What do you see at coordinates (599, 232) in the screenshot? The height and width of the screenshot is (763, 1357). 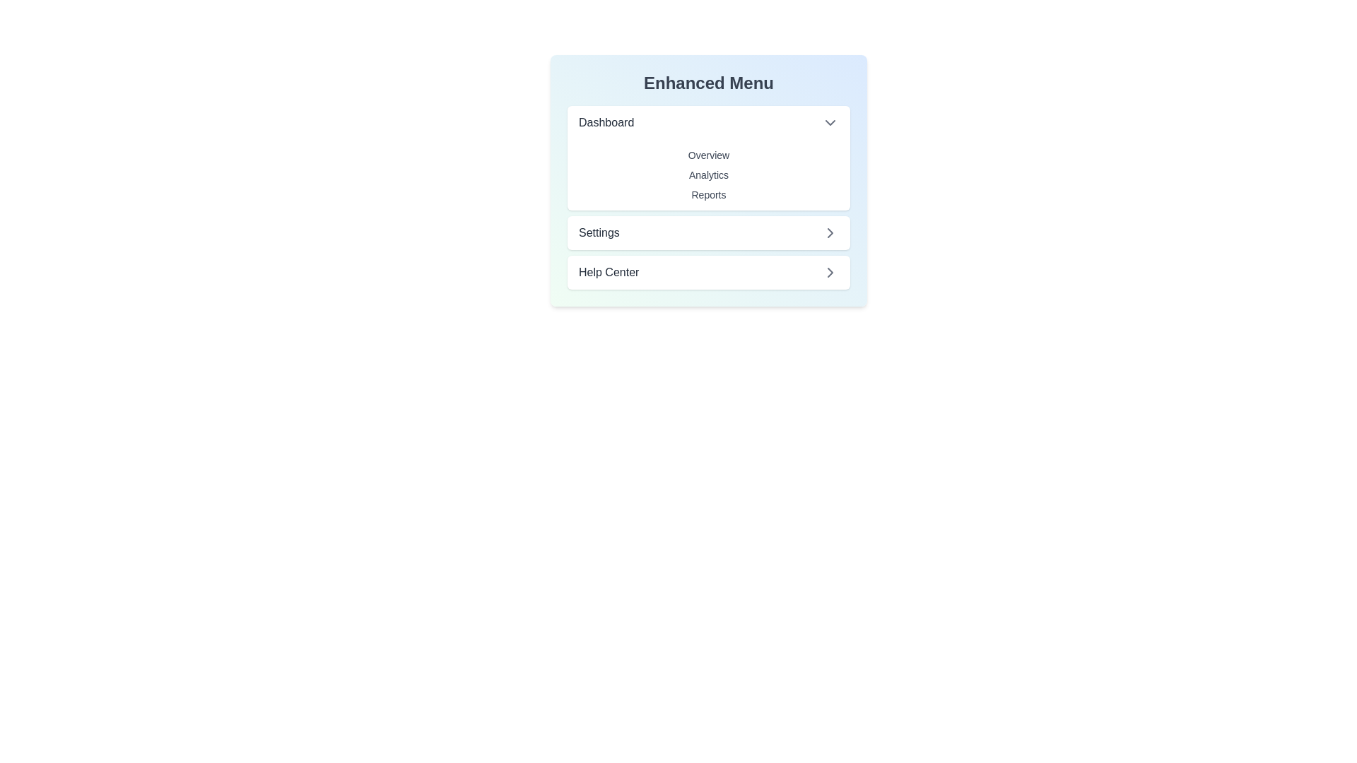 I see `text 'Settings' from the Text Label that displays it in medium-sized grayish font on a white background, located in the second list item of the menu panel under 'Dashboard'` at bounding box center [599, 232].